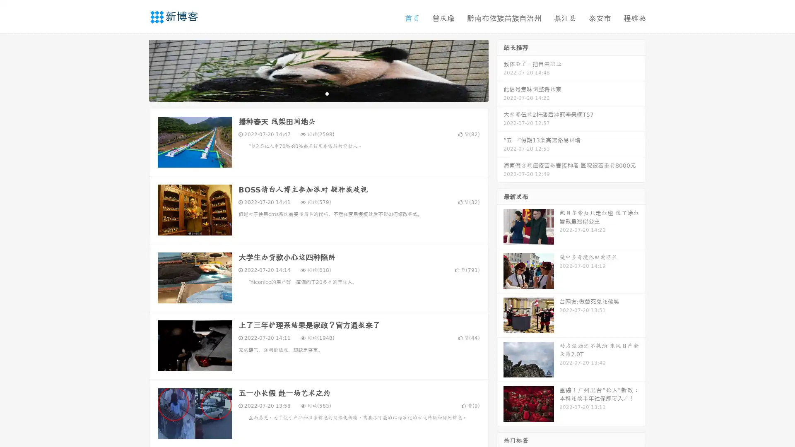 This screenshot has width=795, height=447. Describe the element at coordinates (327, 93) in the screenshot. I see `Go to slide 3` at that location.